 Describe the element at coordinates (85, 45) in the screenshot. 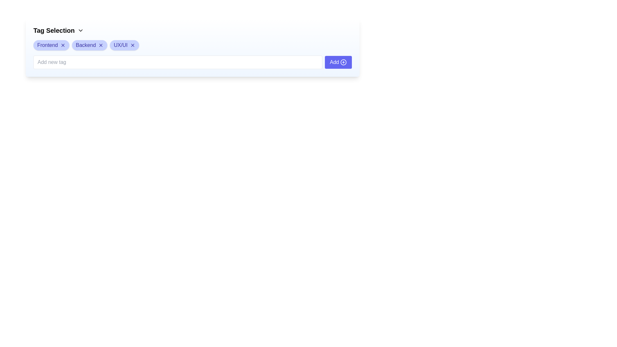

I see `the 'Backend' tag label located within the 'Tag Selection' bar to highlight or filter items associated with it` at that location.